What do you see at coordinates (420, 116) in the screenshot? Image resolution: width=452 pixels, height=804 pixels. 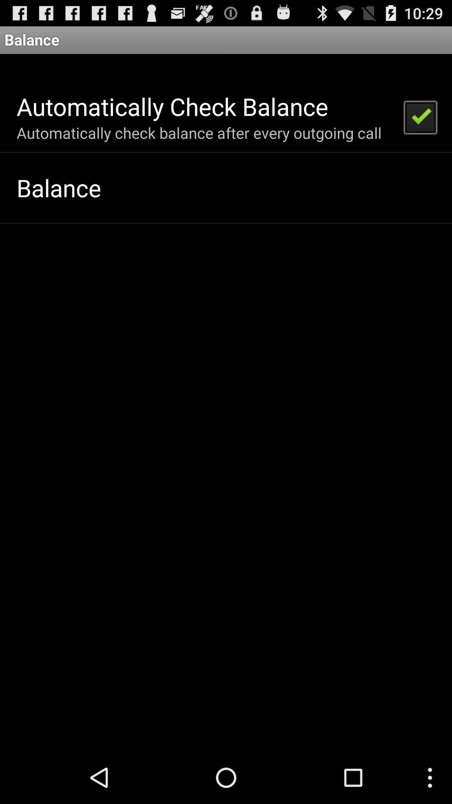 I see `icon to the right of the automatically check balance` at bounding box center [420, 116].